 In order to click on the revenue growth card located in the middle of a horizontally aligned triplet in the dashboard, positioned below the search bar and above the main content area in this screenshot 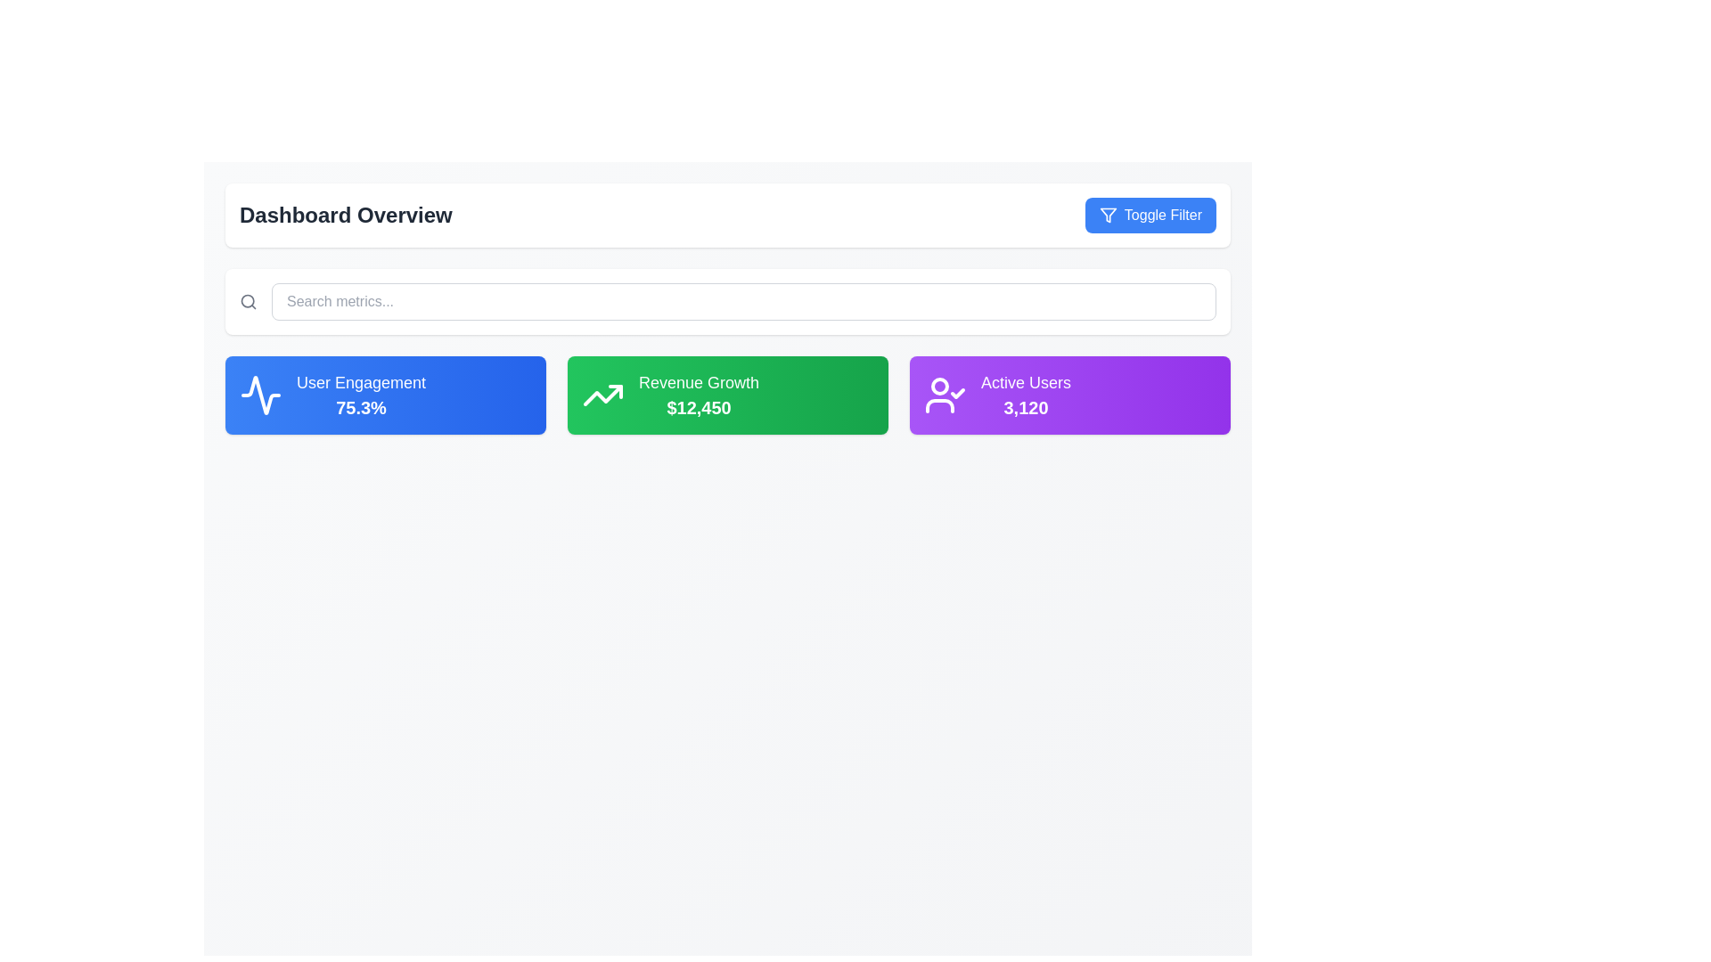, I will do `click(727, 394)`.